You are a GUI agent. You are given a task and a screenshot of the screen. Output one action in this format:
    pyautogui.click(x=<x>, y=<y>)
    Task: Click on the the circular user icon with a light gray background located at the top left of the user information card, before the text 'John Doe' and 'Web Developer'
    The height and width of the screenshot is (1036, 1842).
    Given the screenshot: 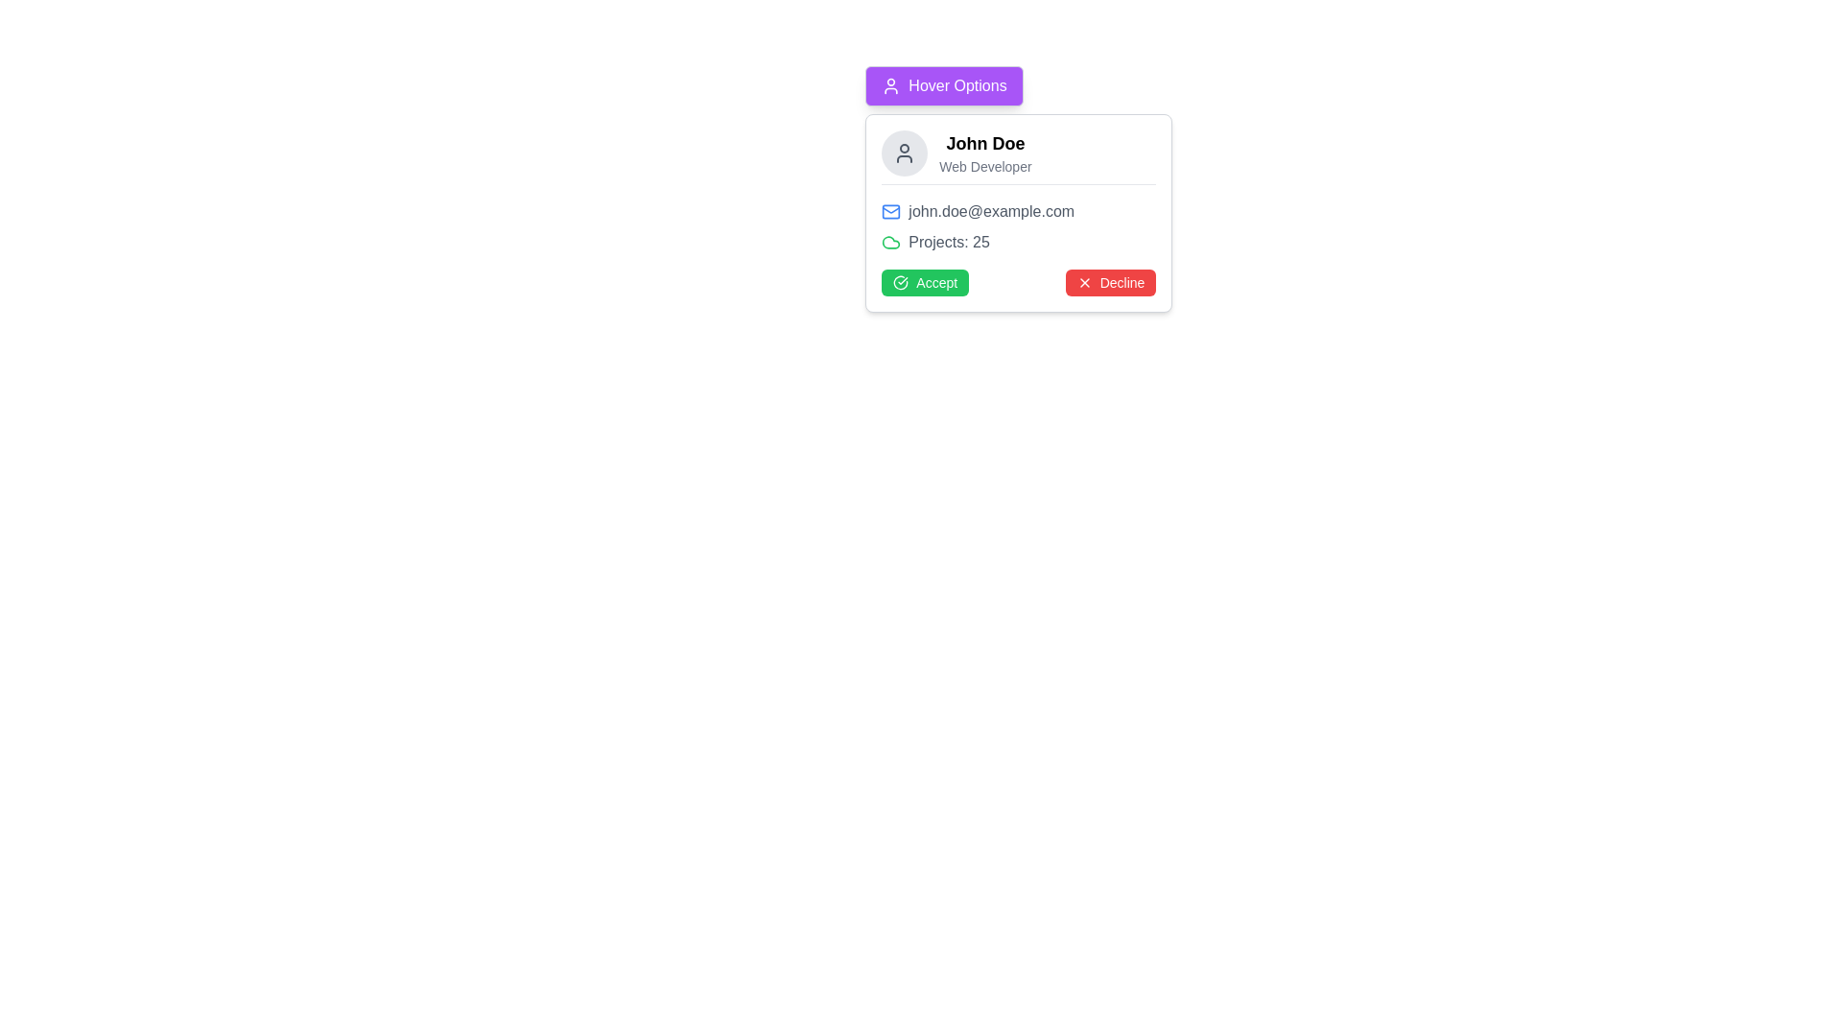 What is the action you would take?
    pyautogui.click(x=904, y=152)
    